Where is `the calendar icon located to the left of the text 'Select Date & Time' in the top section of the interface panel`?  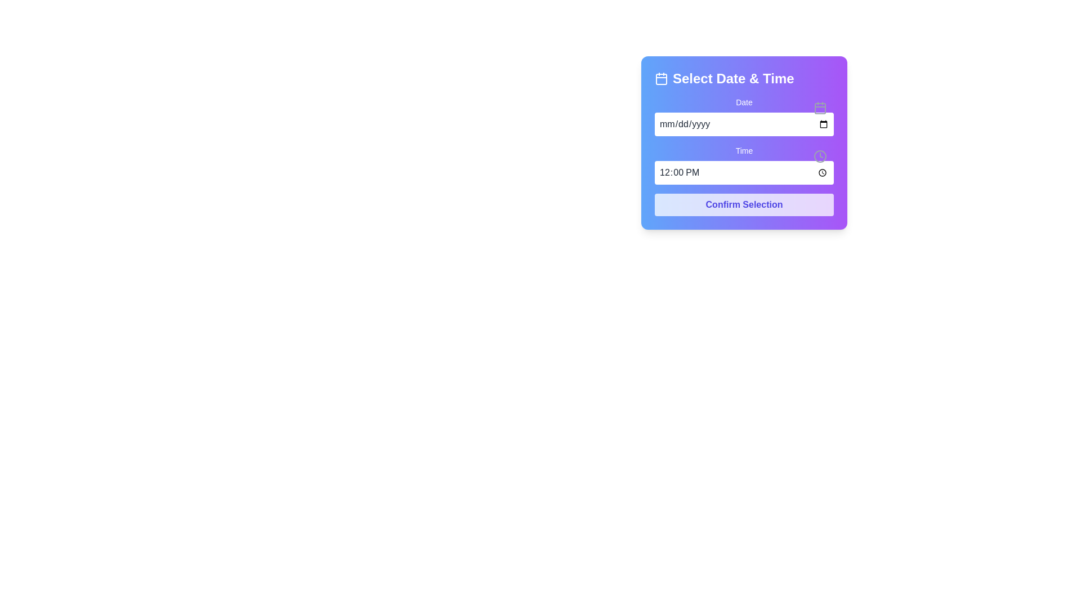 the calendar icon located to the left of the text 'Select Date & Time' in the top section of the interface panel is located at coordinates (662, 78).